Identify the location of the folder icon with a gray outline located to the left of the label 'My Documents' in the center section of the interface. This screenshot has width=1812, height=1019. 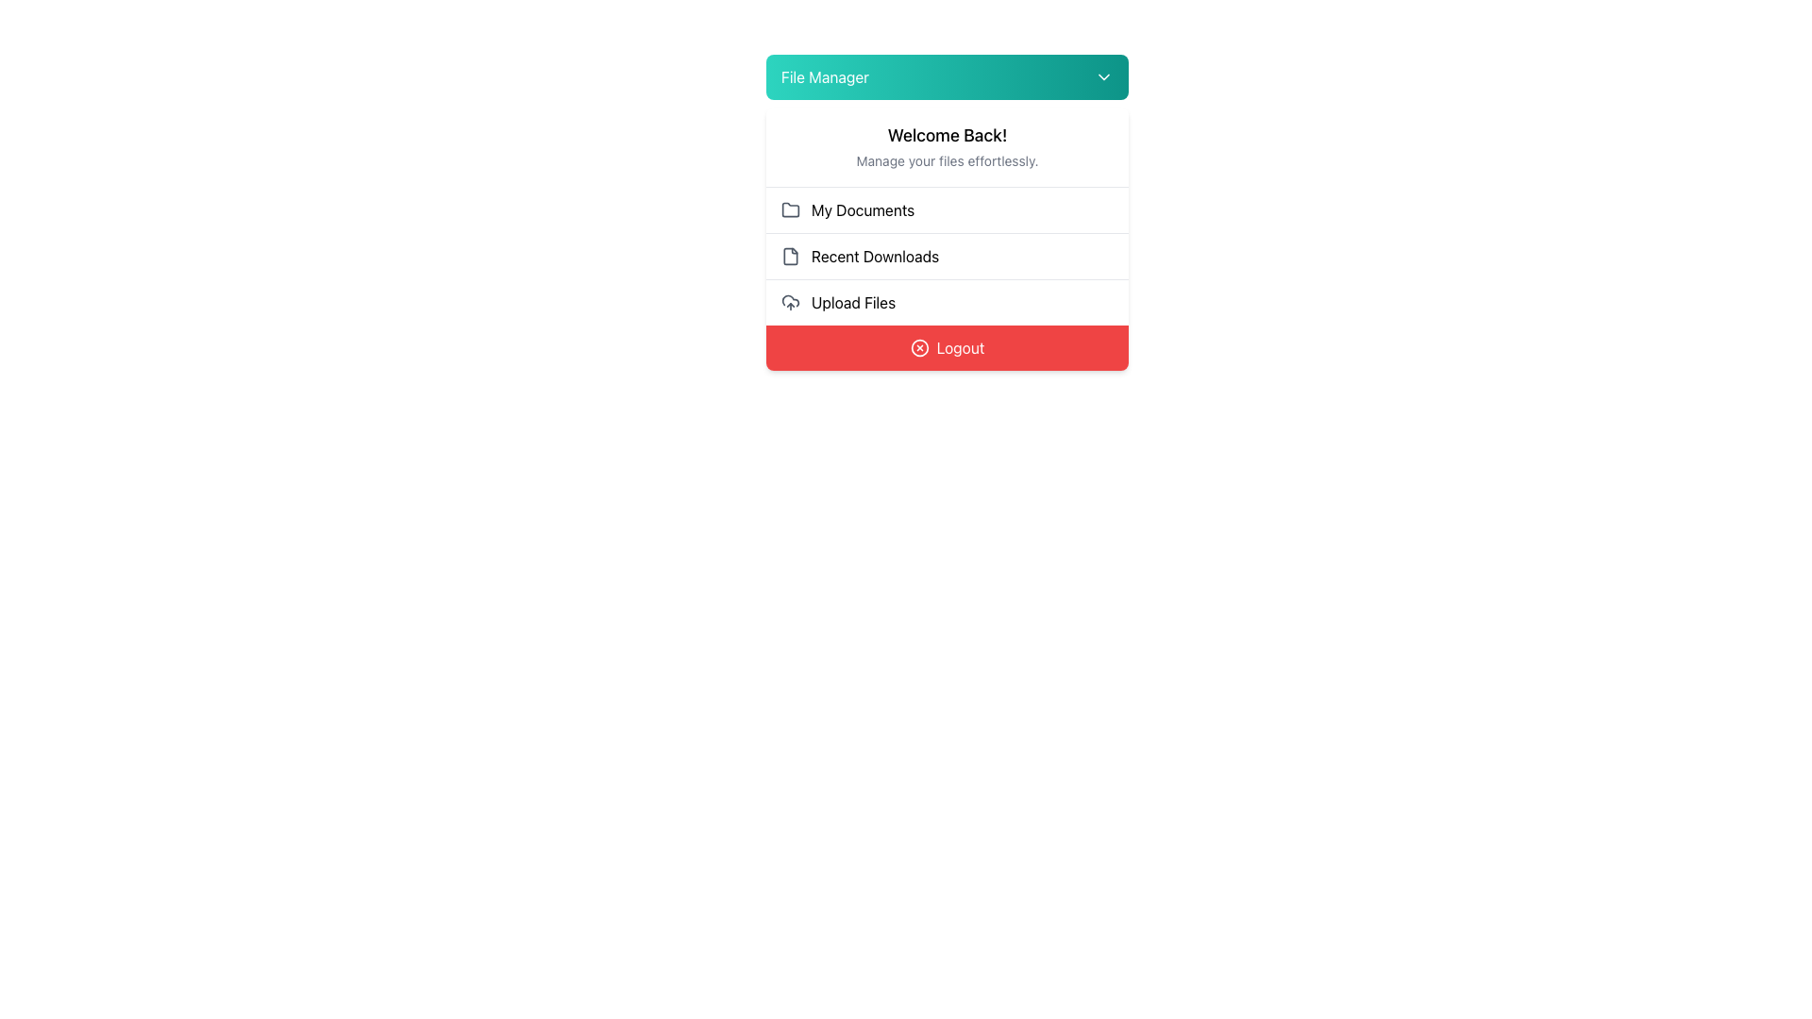
(791, 210).